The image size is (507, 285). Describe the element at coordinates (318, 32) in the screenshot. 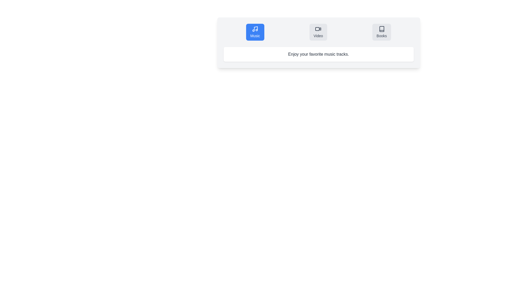

I see `the 'Video' button, which is a rectangular button with rounded corners featuring a video camera icon and dark gray text on a light gray background that turns blue when interactive` at that location.